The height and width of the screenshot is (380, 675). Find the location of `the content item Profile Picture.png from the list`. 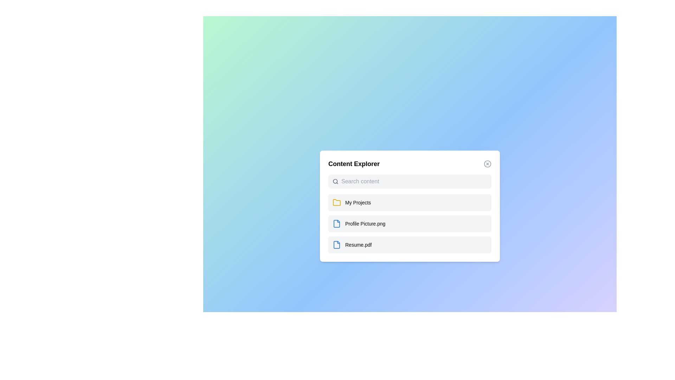

the content item Profile Picture.png from the list is located at coordinates (410, 224).